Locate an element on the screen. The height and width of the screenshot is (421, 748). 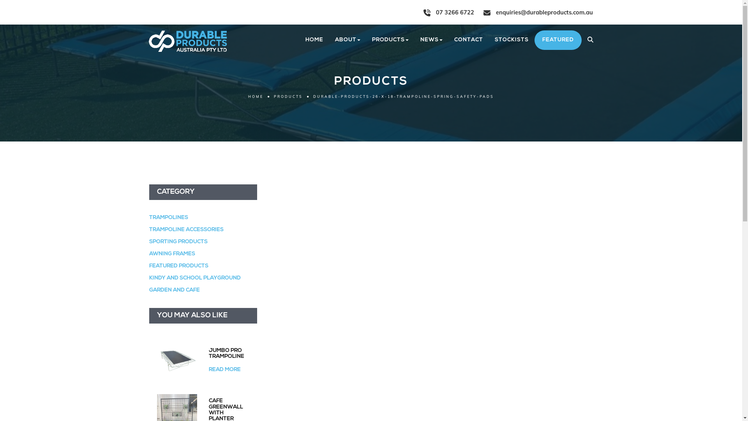
'ABOUT' is located at coordinates (347, 40).